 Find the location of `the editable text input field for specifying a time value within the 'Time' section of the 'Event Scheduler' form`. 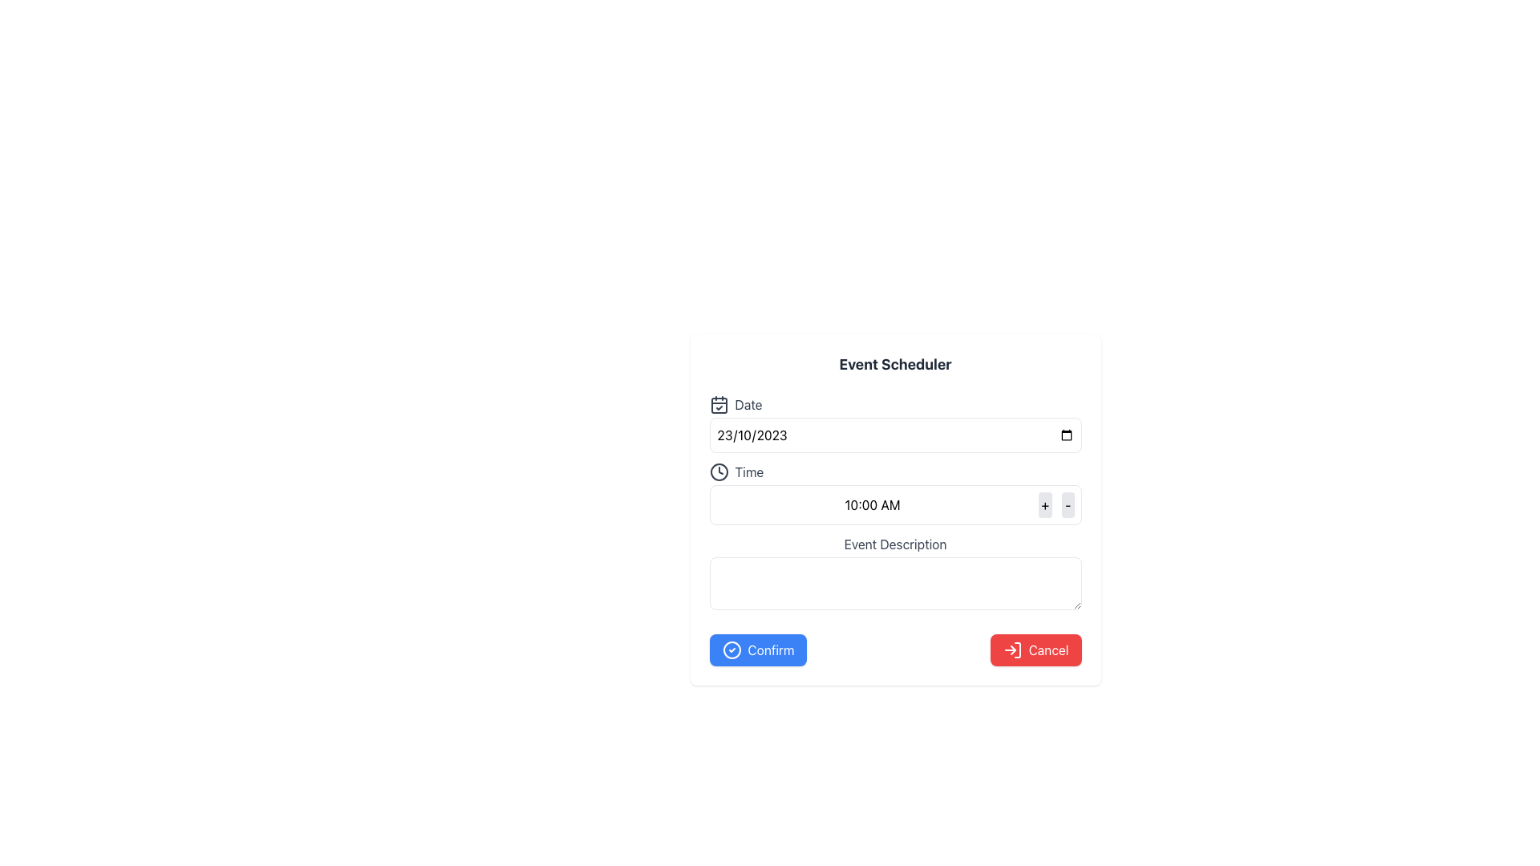

the editable text input field for specifying a time value within the 'Time' section of the 'Event Scheduler' form is located at coordinates (872, 504).